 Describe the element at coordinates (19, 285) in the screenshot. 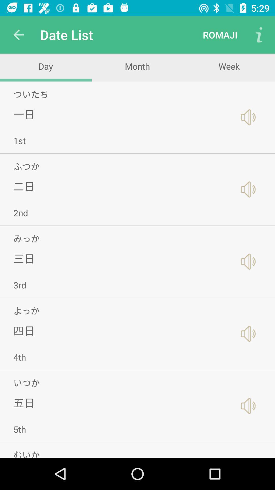

I see `3rd` at that location.